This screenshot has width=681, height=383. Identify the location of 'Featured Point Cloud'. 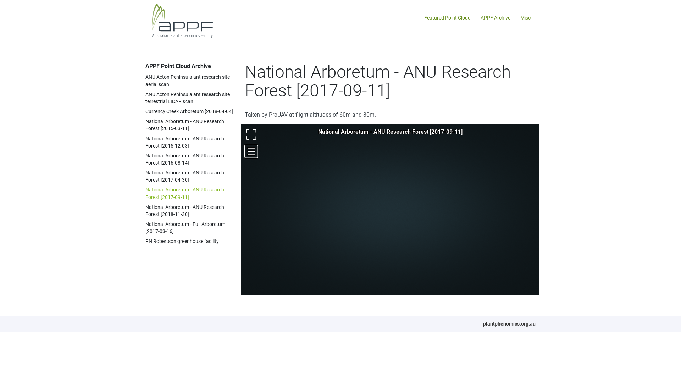
(447, 17).